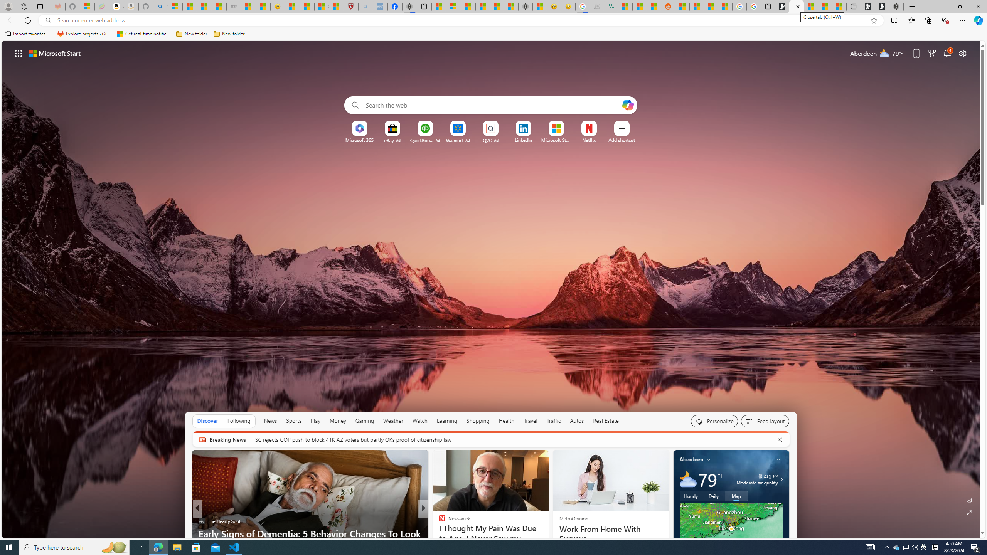  What do you see at coordinates (201, 521) in the screenshot?
I see `'The Hearty Soul'` at bounding box center [201, 521].